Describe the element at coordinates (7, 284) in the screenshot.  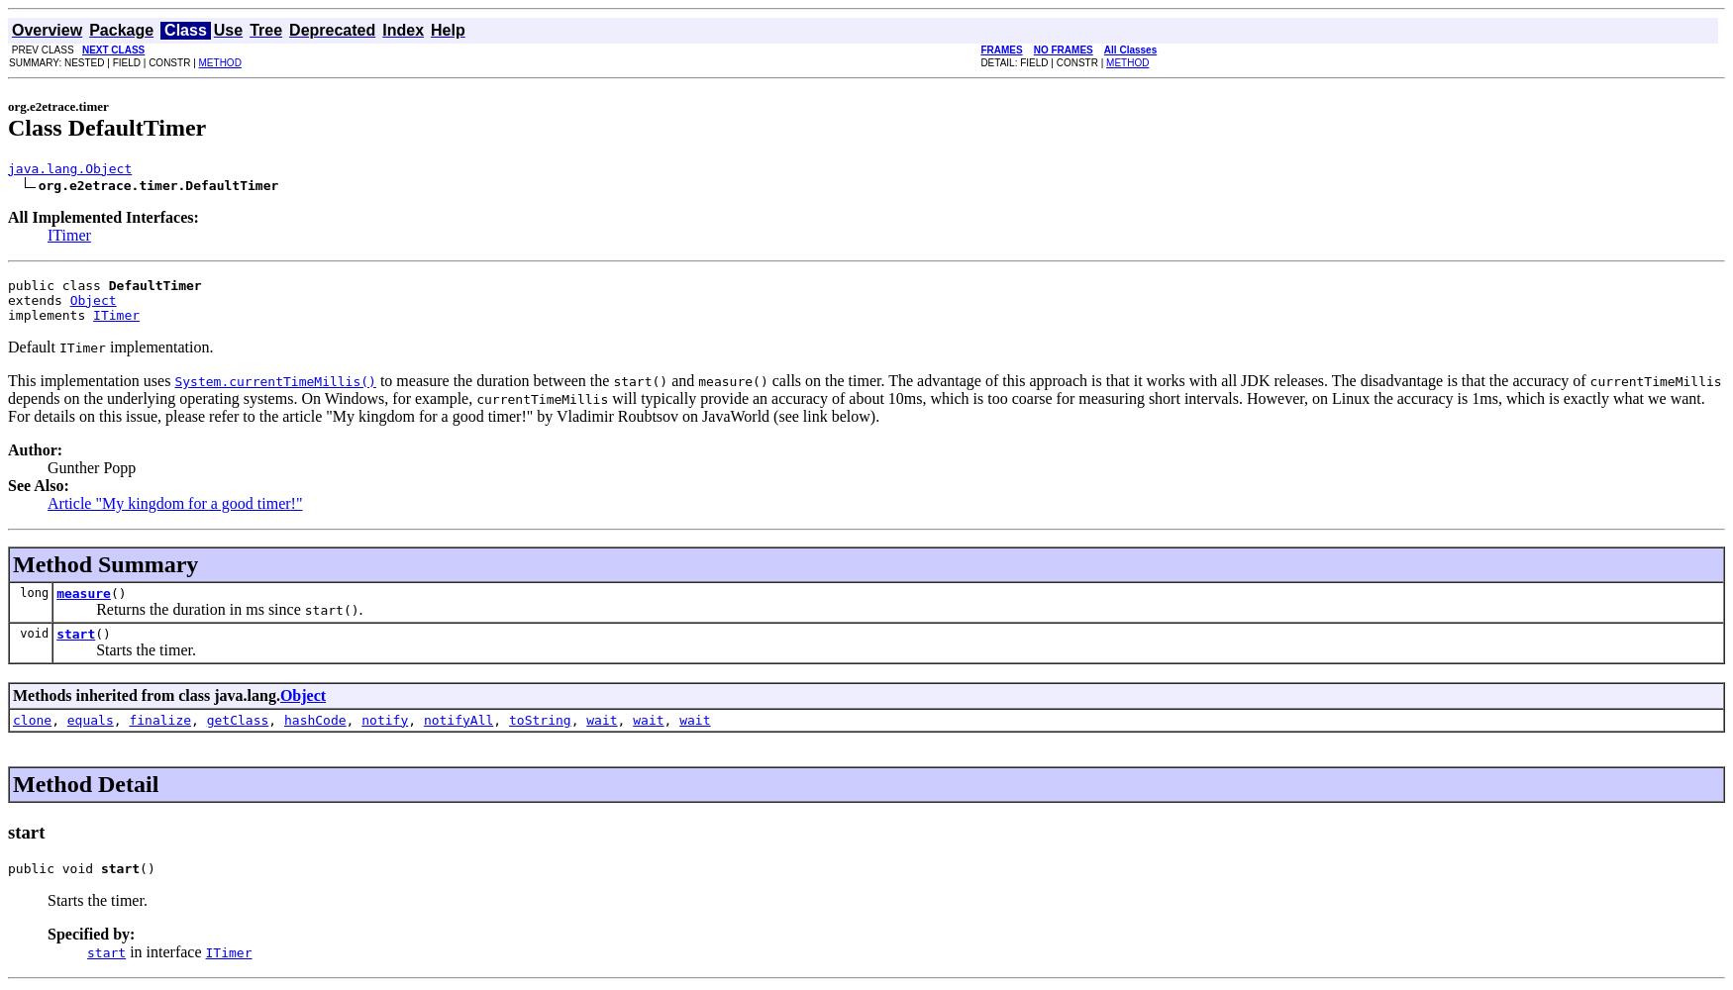
I see `'public class'` at that location.